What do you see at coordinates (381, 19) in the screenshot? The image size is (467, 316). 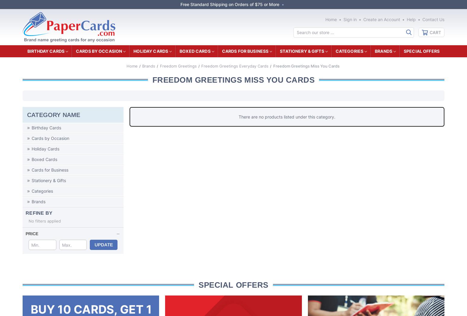 I see `'Create an Account'` at bounding box center [381, 19].